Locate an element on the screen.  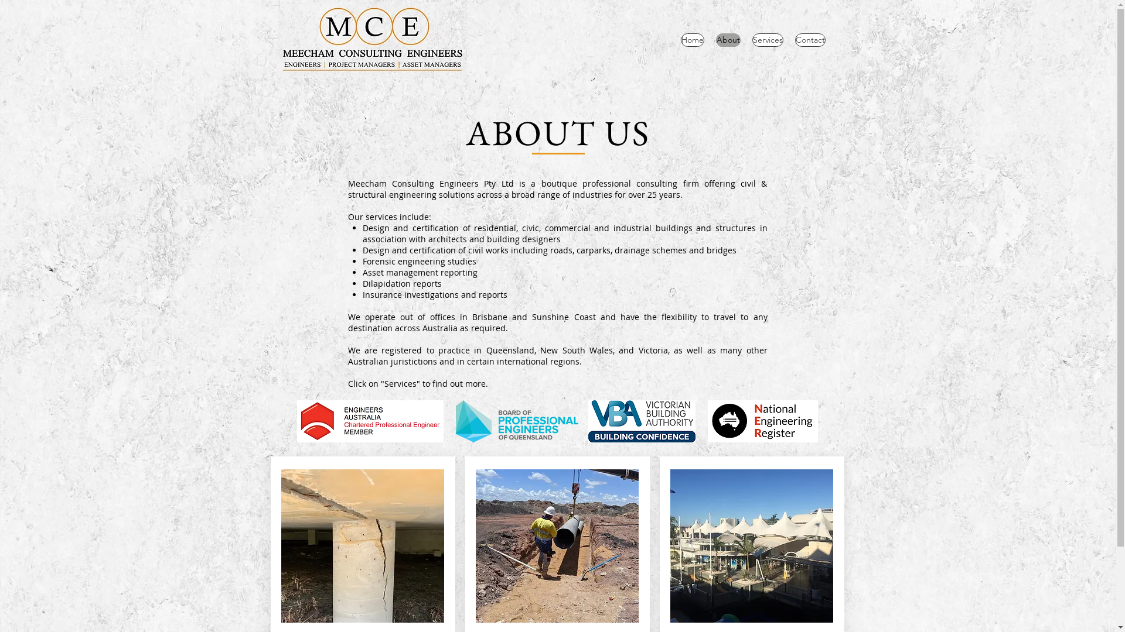
'Services' is located at coordinates (768, 39).